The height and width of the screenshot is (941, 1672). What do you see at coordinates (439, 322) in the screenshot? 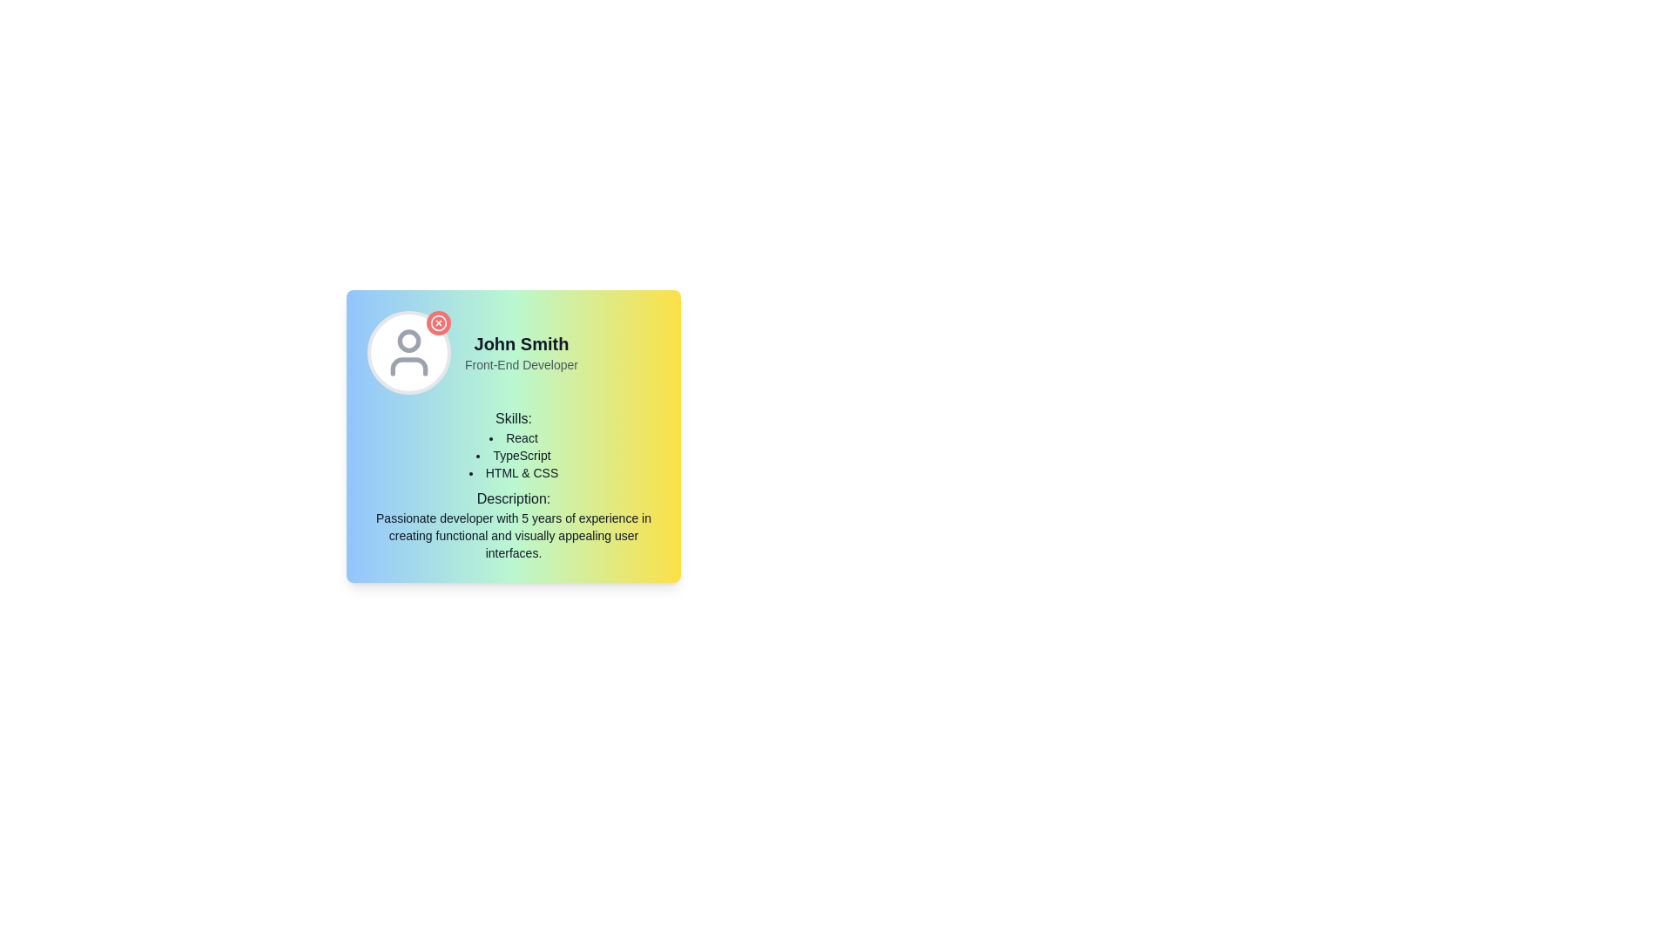
I see `the circular SVG element that is centrally positioned within the icon structure in the top-left region of the card's header area` at bounding box center [439, 322].